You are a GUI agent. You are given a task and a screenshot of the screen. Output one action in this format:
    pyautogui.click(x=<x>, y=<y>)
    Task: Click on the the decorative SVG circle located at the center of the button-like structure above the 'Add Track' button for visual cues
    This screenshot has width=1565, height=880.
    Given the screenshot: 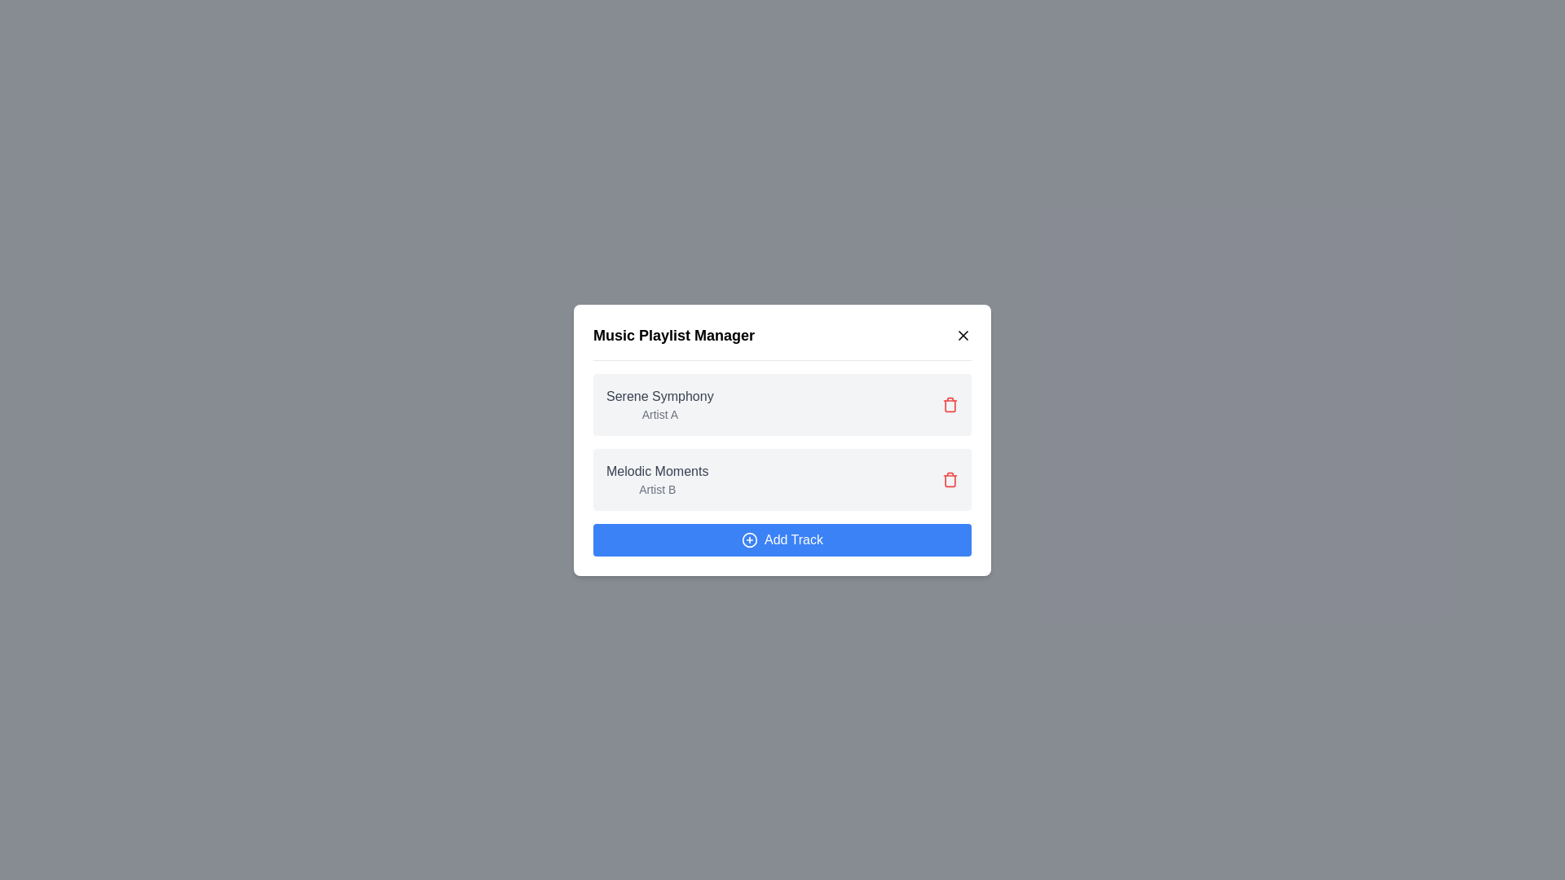 What is the action you would take?
    pyautogui.click(x=749, y=539)
    